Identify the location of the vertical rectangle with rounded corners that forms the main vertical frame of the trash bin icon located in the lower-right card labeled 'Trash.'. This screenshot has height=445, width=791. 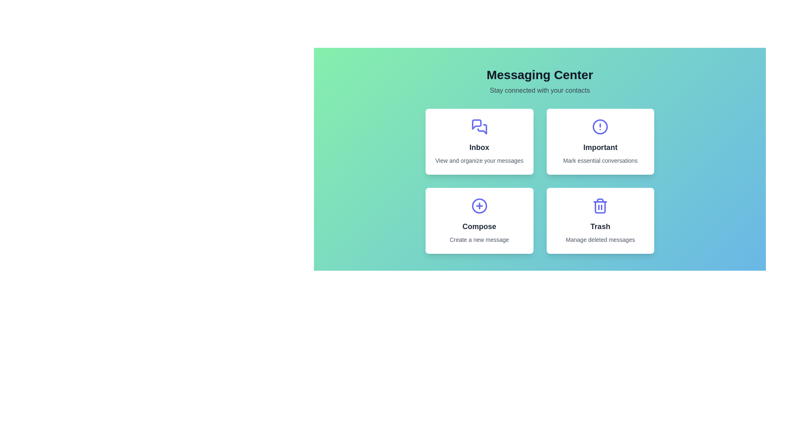
(600, 207).